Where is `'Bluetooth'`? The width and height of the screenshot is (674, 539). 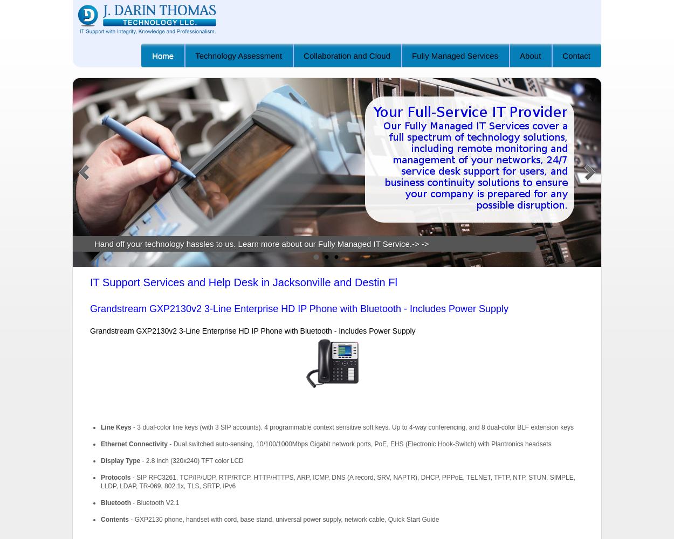 'Bluetooth' is located at coordinates (115, 503).